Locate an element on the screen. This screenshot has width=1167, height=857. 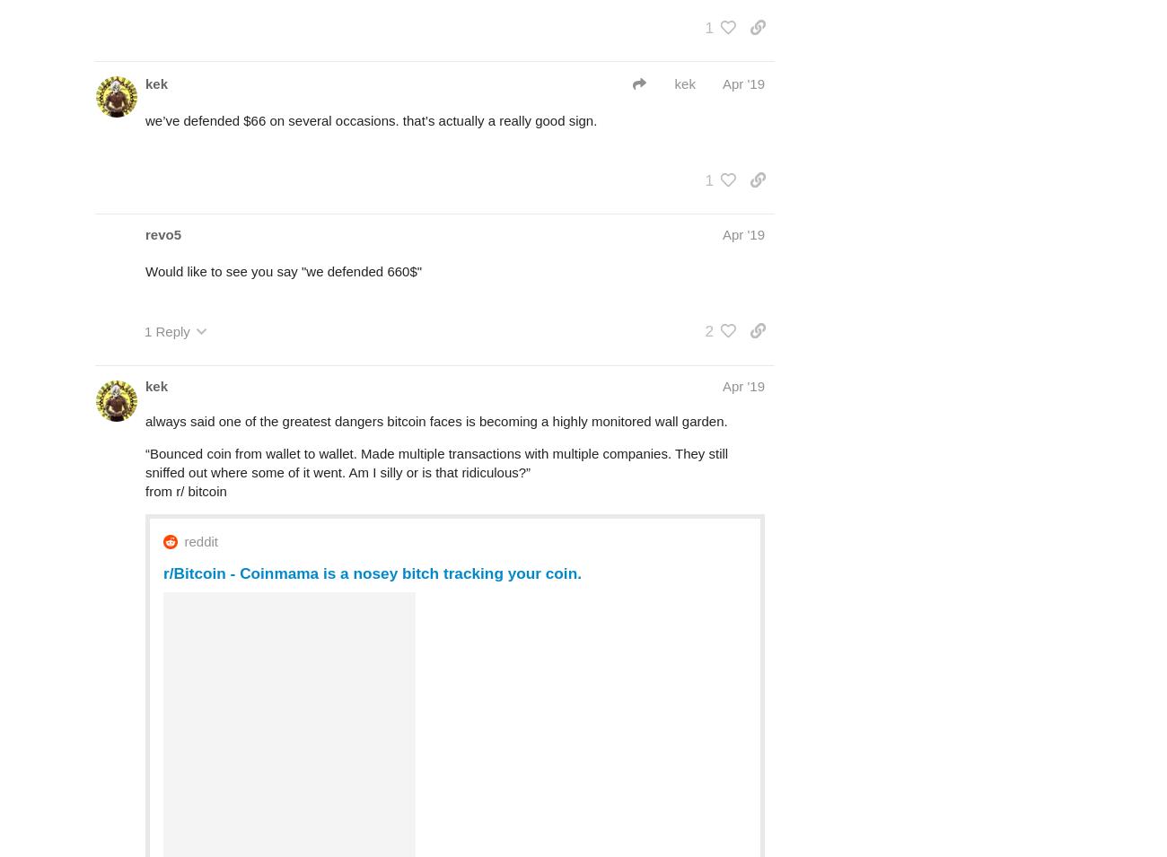
'we’ve defended $66 on several occasions. that’s actually a really good sign.' is located at coordinates (371, 118).